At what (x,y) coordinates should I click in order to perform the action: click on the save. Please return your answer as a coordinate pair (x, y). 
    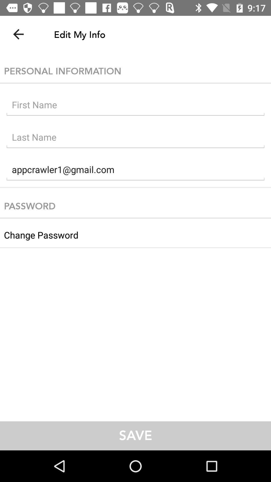
    Looking at the image, I should click on (135, 436).